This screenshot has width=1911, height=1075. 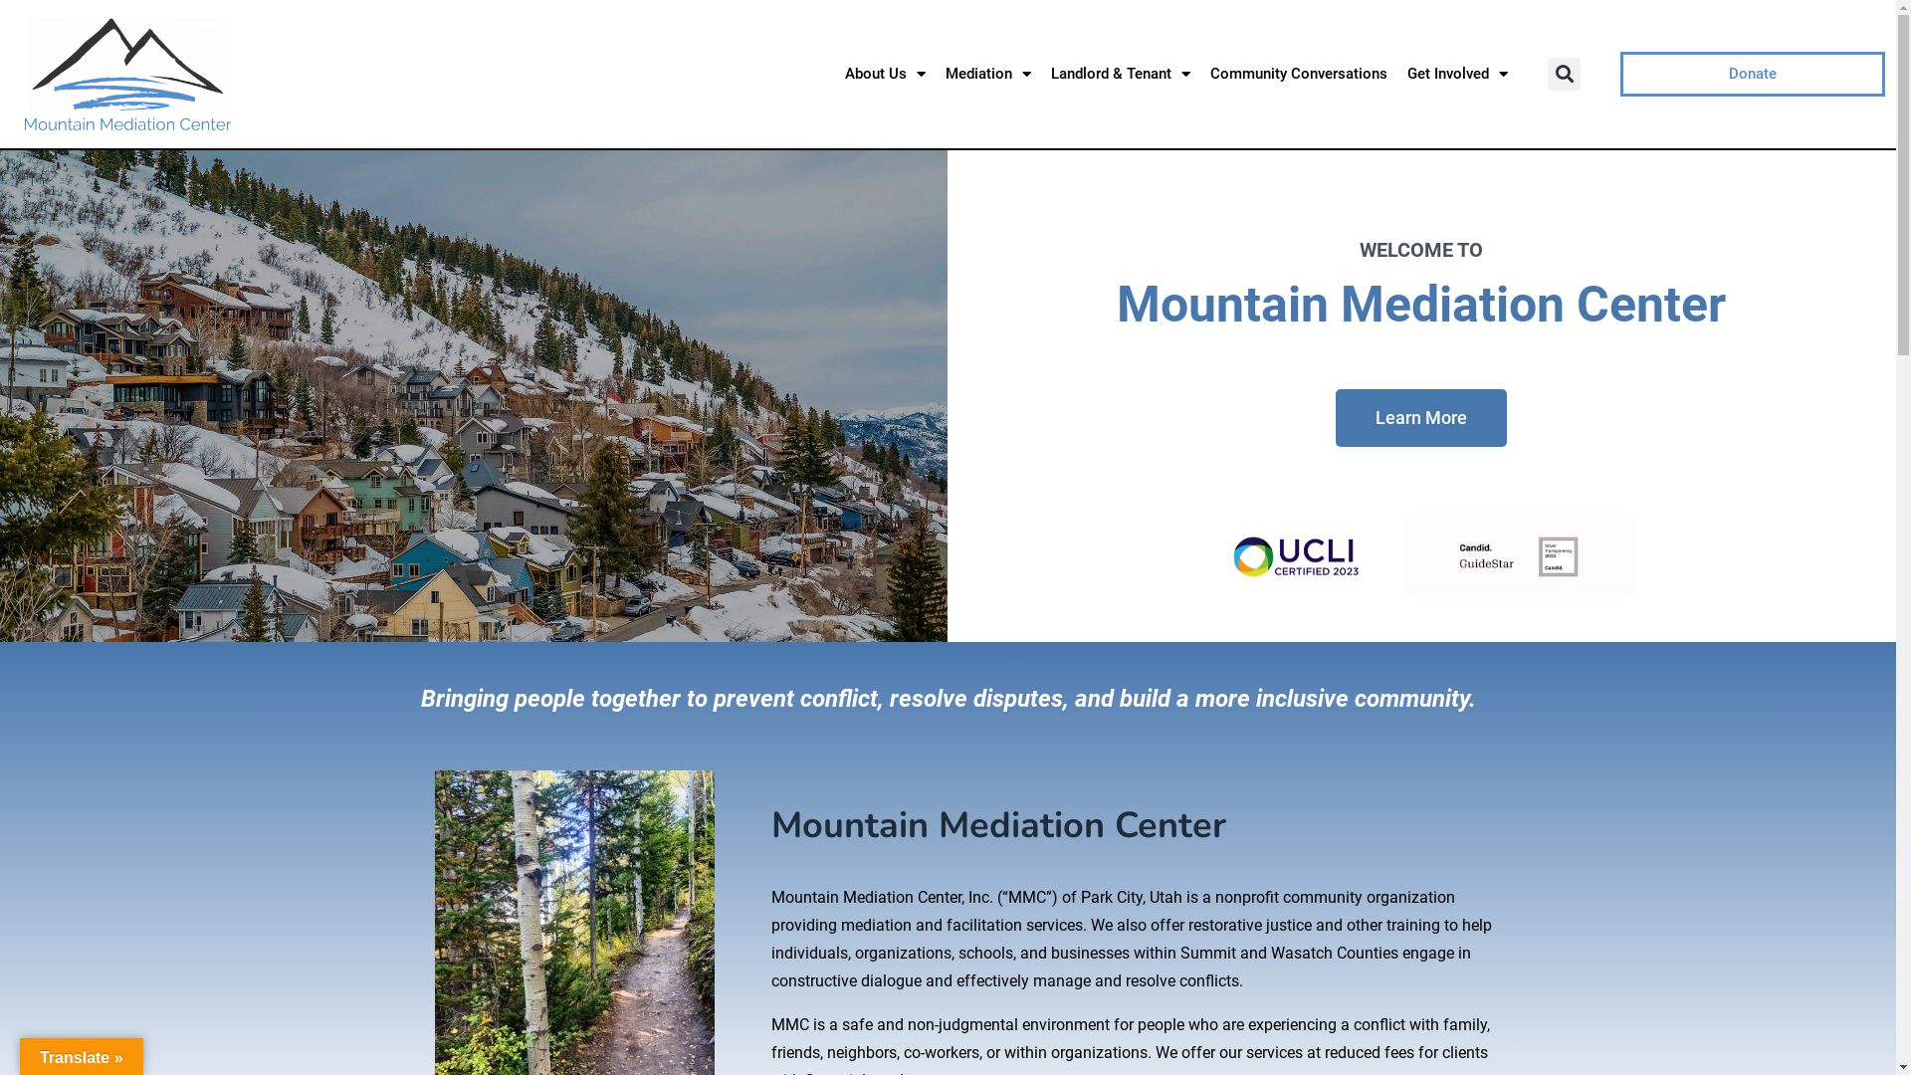 What do you see at coordinates (1121, 72) in the screenshot?
I see `'Landlord & Tenant'` at bounding box center [1121, 72].